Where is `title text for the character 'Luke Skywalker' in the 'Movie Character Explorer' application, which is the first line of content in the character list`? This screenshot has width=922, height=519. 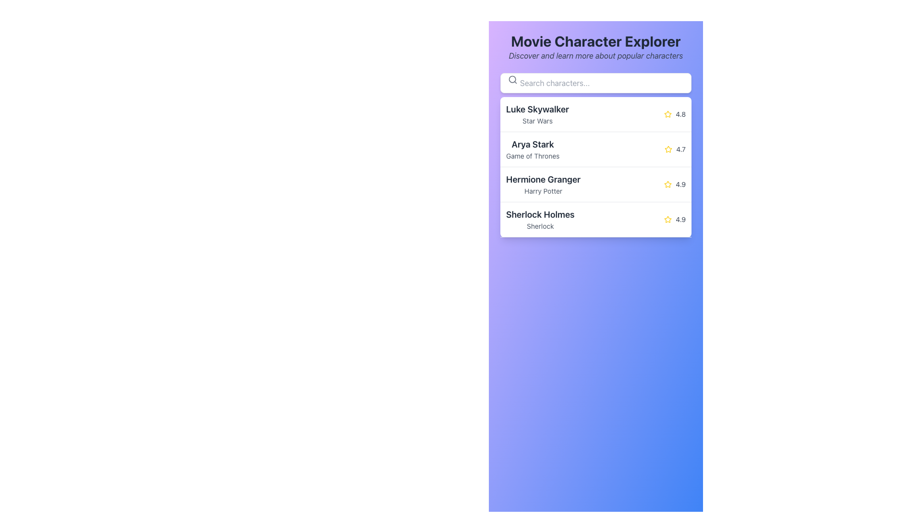
title text for the character 'Luke Skywalker' in the 'Movie Character Explorer' application, which is the first line of content in the character list is located at coordinates (537, 109).